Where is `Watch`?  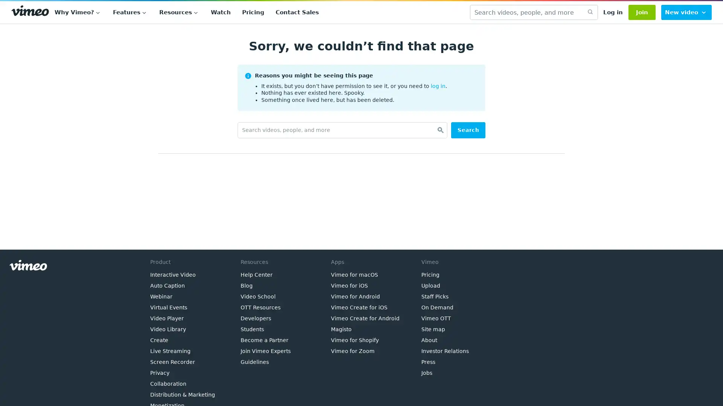
Watch is located at coordinates (220, 12).